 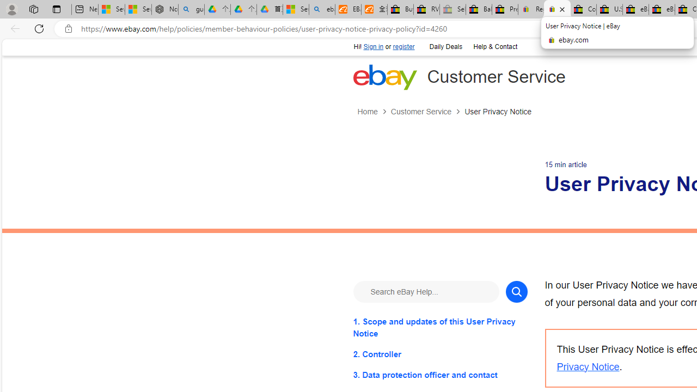 What do you see at coordinates (403, 46) in the screenshot?
I see `'register'` at bounding box center [403, 46].